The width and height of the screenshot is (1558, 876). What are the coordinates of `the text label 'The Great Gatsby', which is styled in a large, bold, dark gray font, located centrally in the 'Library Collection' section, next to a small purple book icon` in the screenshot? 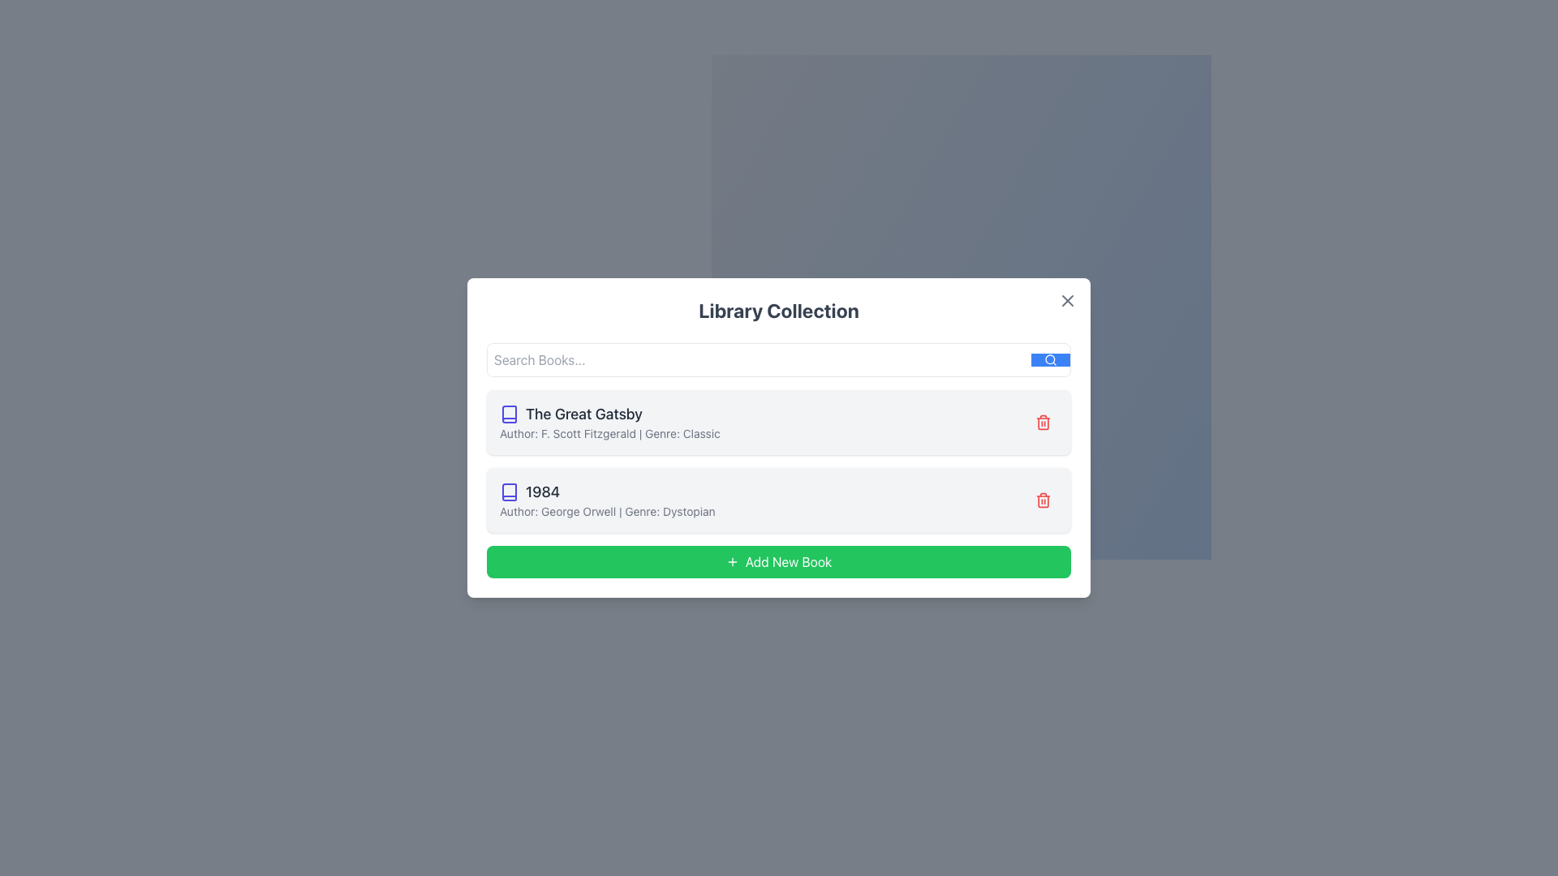 It's located at (609, 413).